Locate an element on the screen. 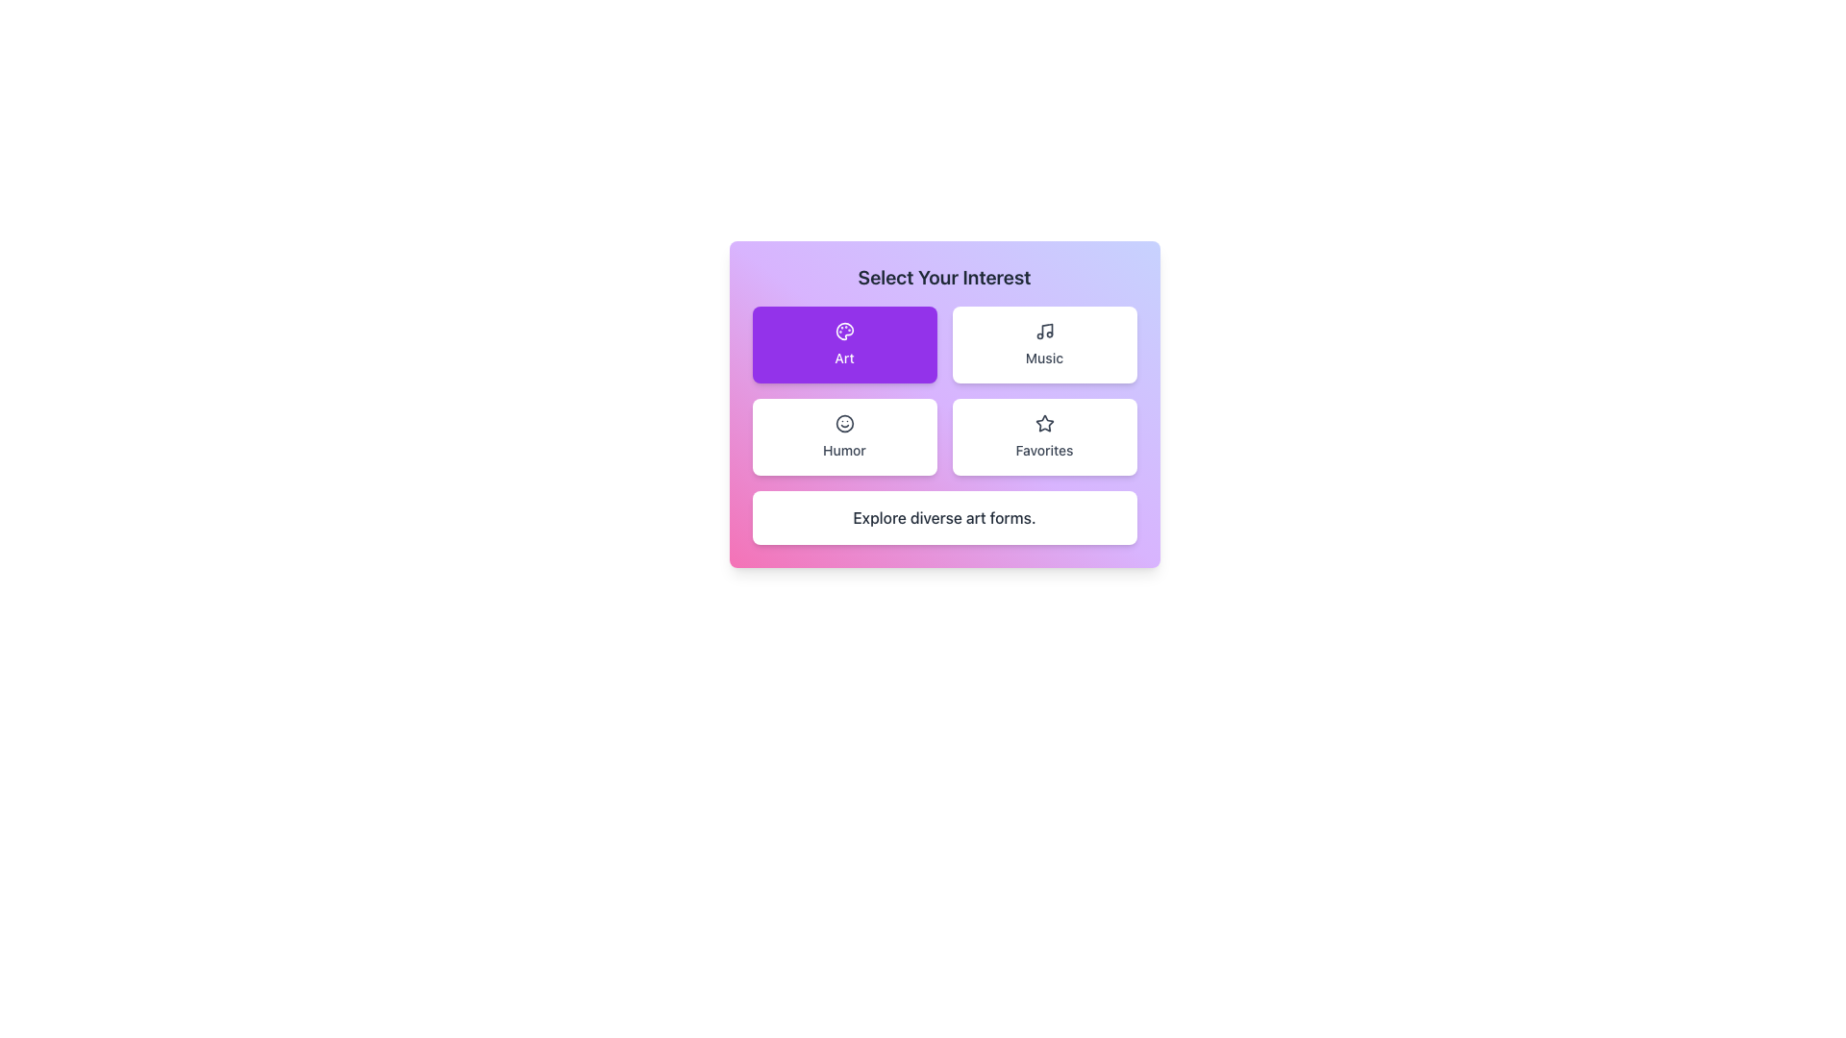  the star-shaped icon in the 'Favorites' section is located at coordinates (1043, 422).